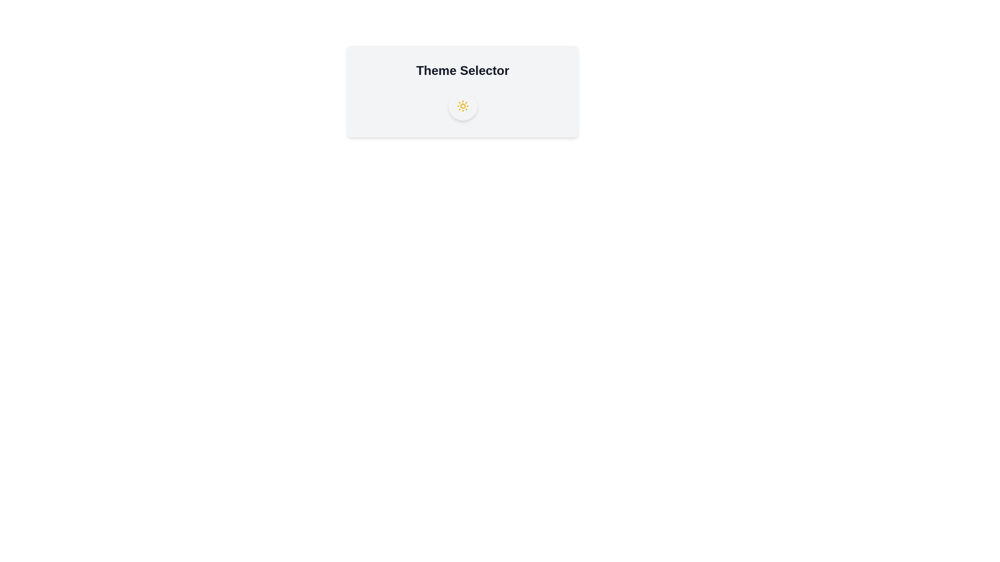 The height and width of the screenshot is (562, 1000). I want to click on the theme icon displayed in the center of the ThemeSwitcherPanel, so click(462, 106).